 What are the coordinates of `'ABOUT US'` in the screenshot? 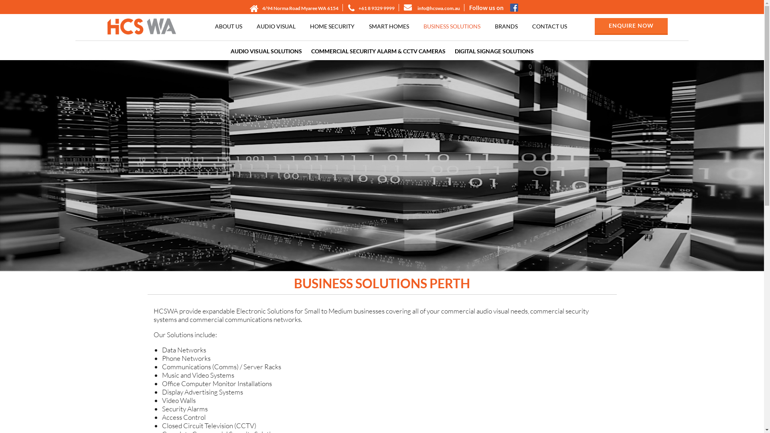 It's located at (228, 26).